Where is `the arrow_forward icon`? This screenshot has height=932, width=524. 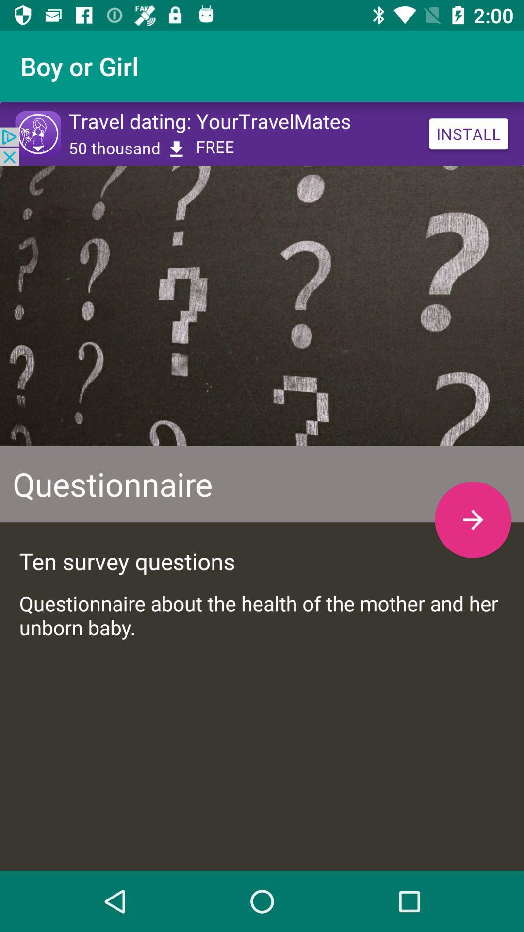
the arrow_forward icon is located at coordinates (473, 519).